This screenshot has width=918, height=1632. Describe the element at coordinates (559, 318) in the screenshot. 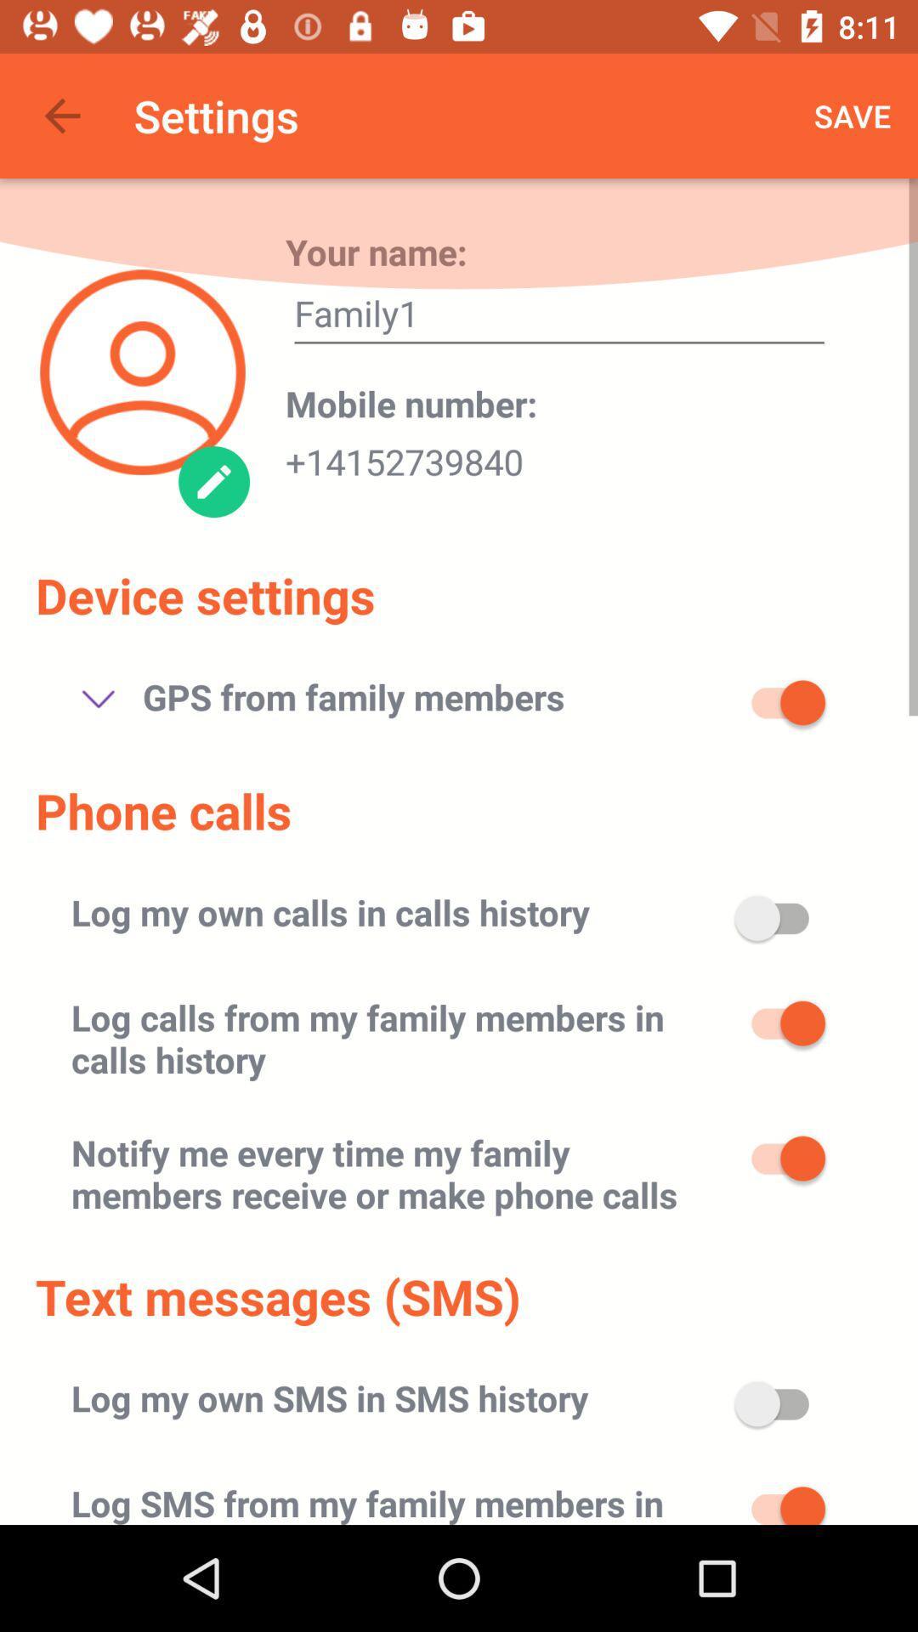

I see `item below the your name: icon` at that location.